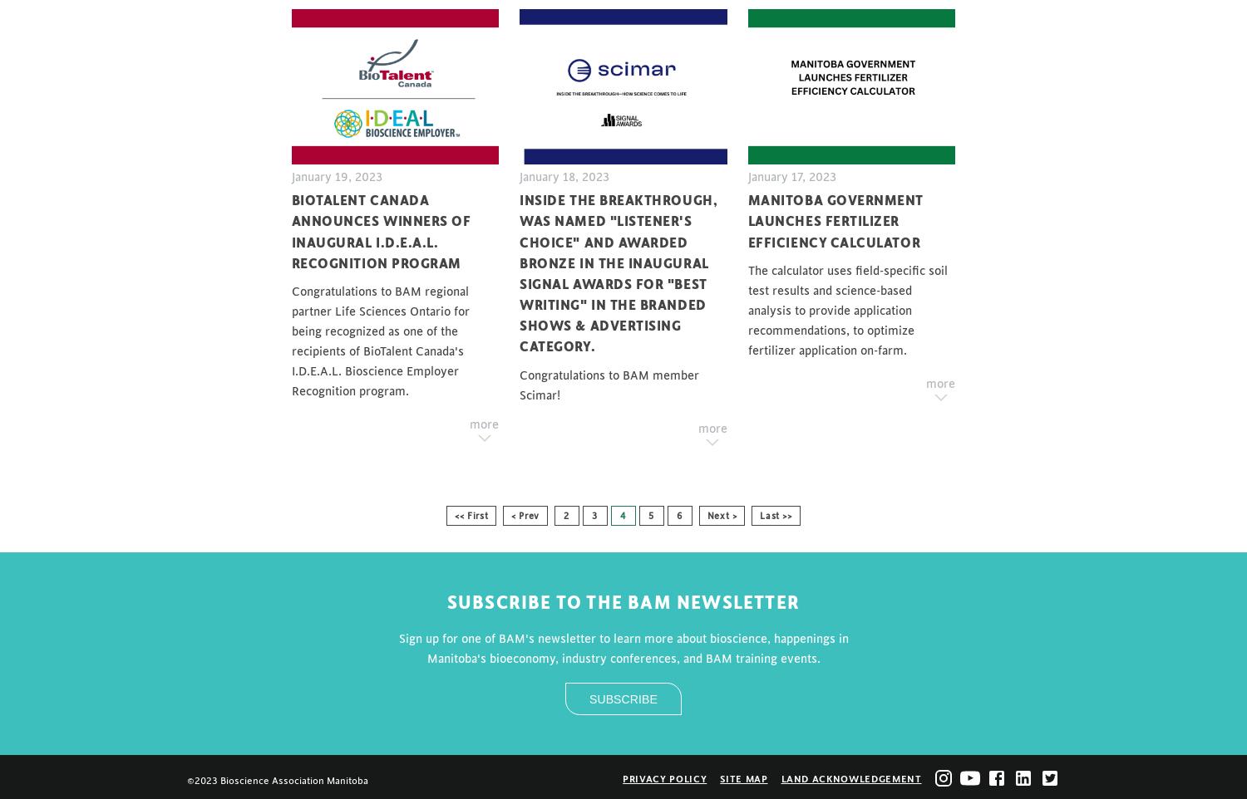  Describe the element at coordinates (289, 340) in the screenshot. I see `'Congratulations to BAM regional partner Life Sciences Ontario for being recognized as one of the recipients of BioTalent Canada's I.D.E.A.L. Bioscience Employer Recognition program.'` at that location.